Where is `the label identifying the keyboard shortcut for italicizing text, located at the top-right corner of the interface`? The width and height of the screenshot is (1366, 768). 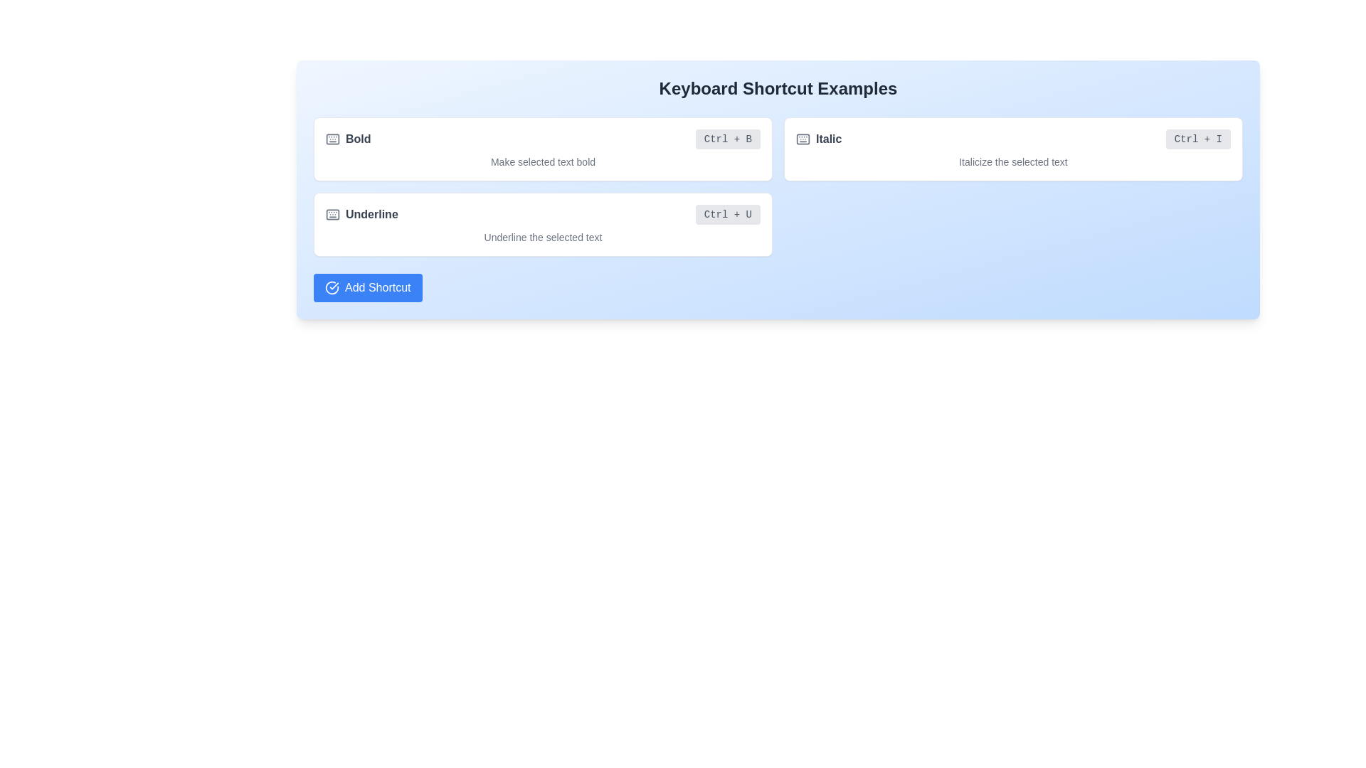
the label identifying the keyboard shortcut for italicizing text, located at the top-right corner of the interface is located at coordinates (829, 139).